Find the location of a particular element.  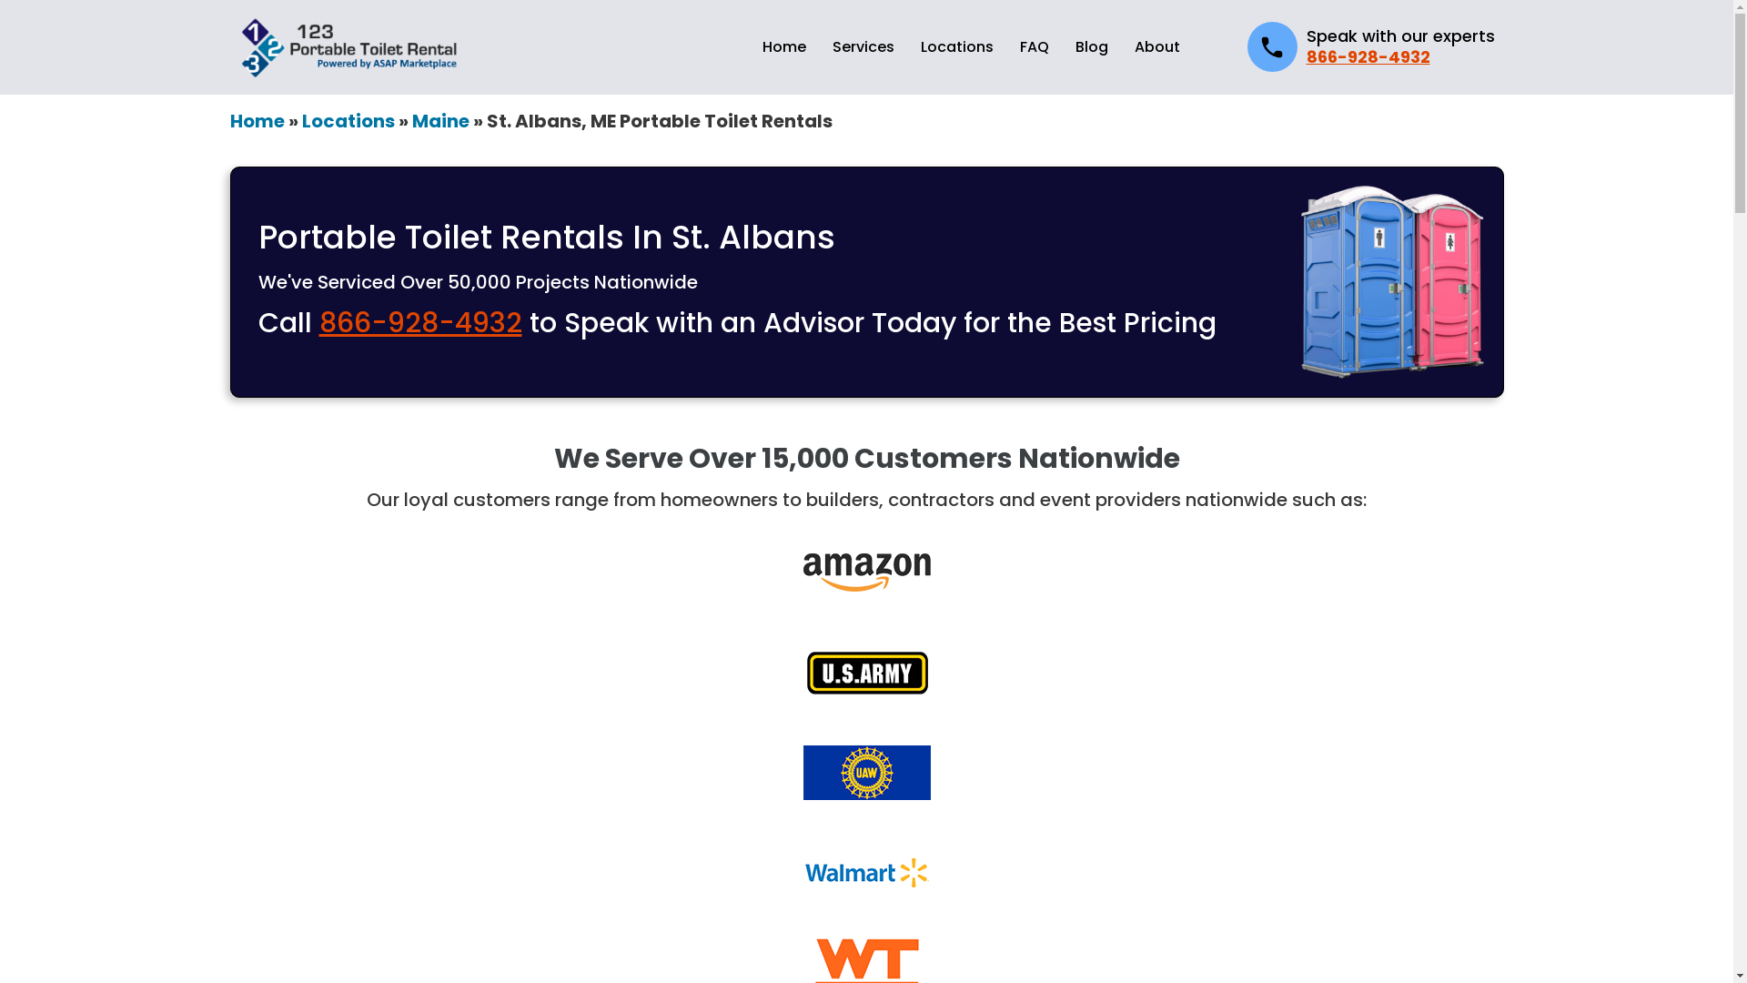

'Home' is located at coordinates (228, 120).